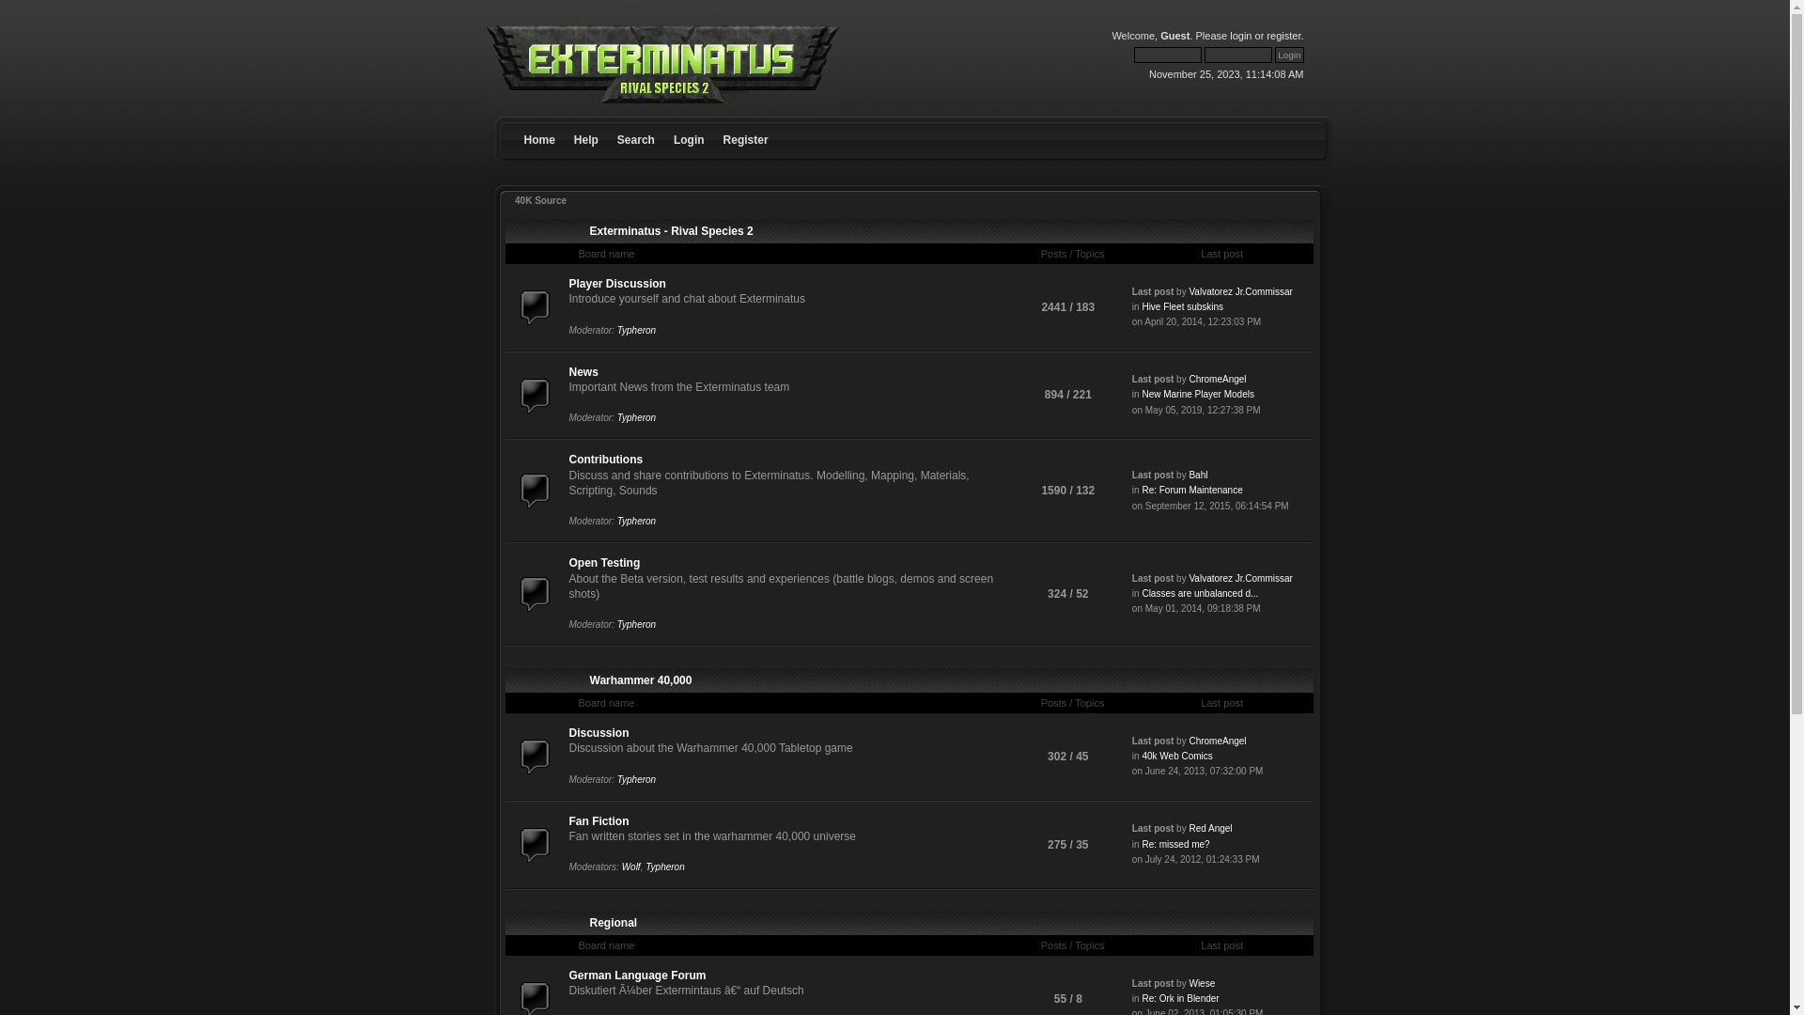 The width and height of the screenshot is (1804, 1015). I want to click on 'Player Discussion', so click(568, 283).